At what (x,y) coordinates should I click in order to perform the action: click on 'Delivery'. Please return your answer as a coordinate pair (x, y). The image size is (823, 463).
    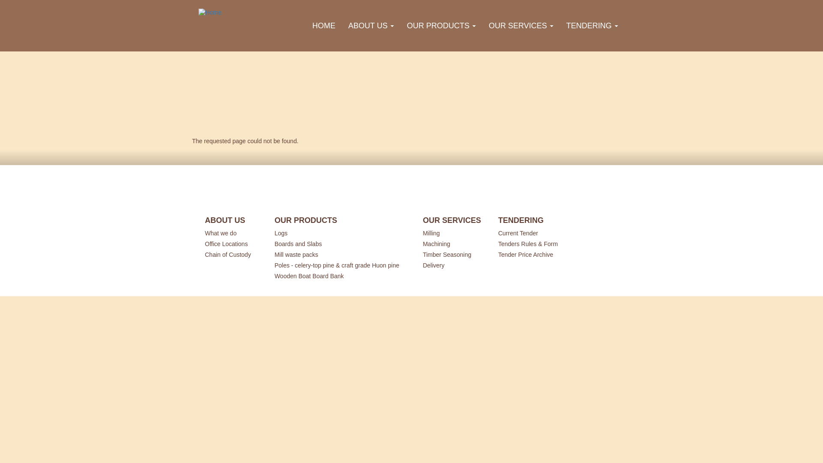
    Looking at the image, I should click on (450, 264).